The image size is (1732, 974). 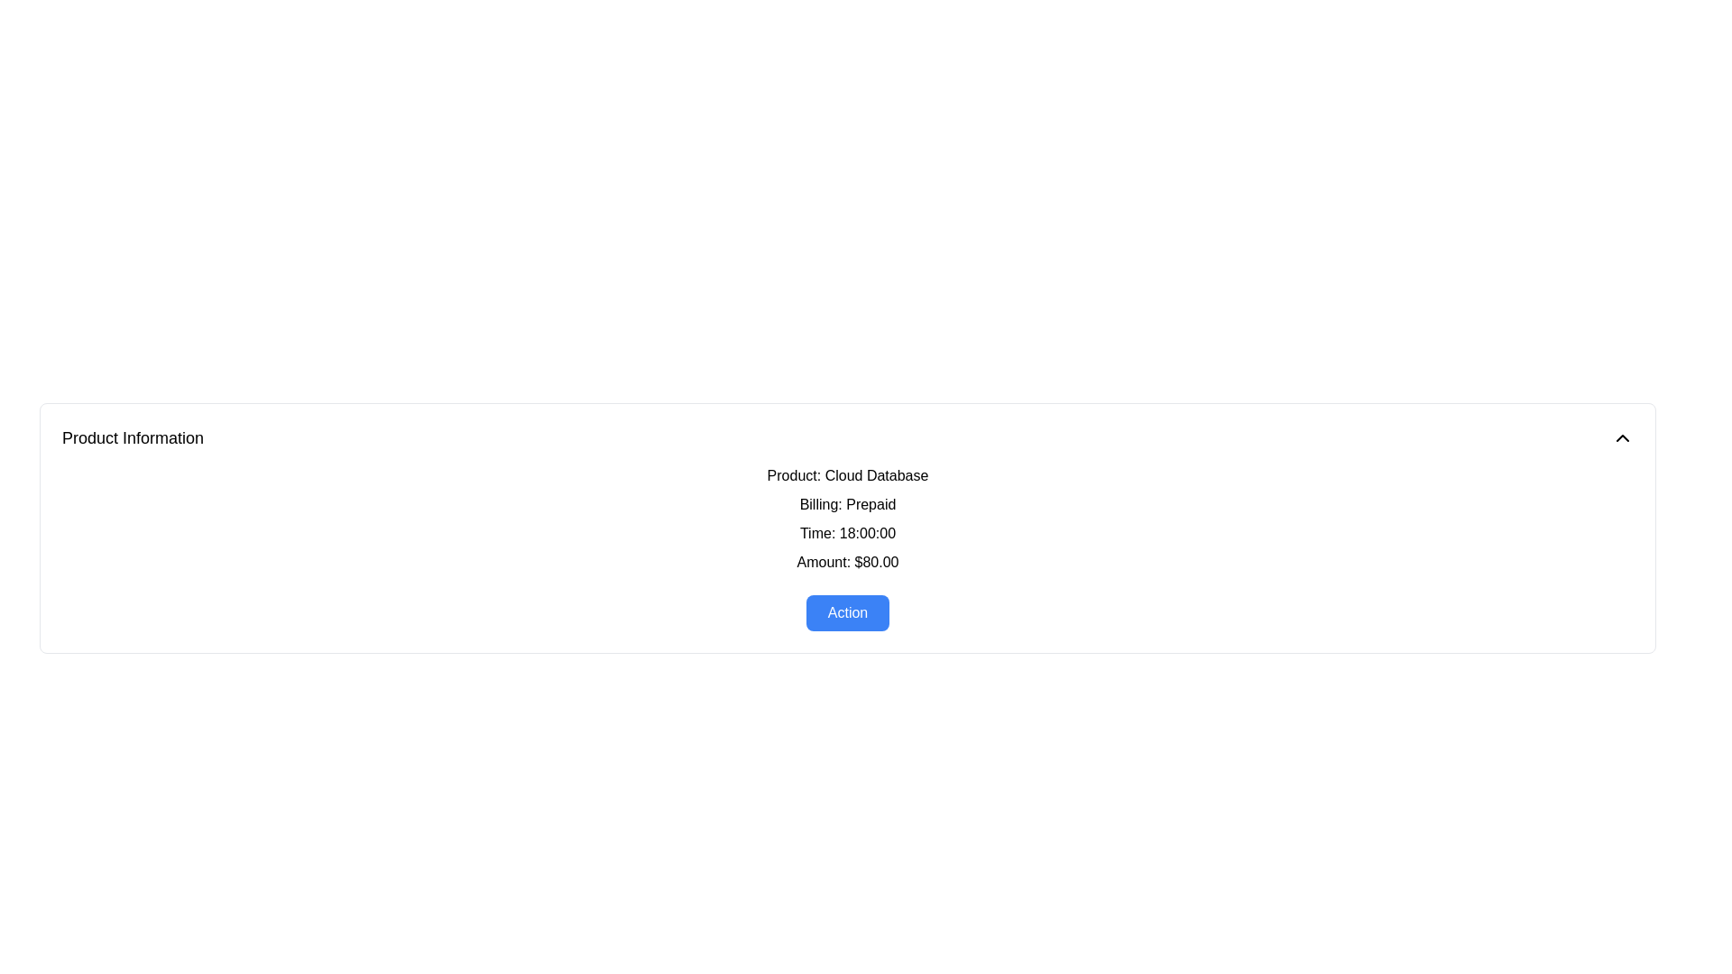 I want to click on the button labeled 'Action' with a blue background and white text for keyboard navigation, so click(x=847, y=611).